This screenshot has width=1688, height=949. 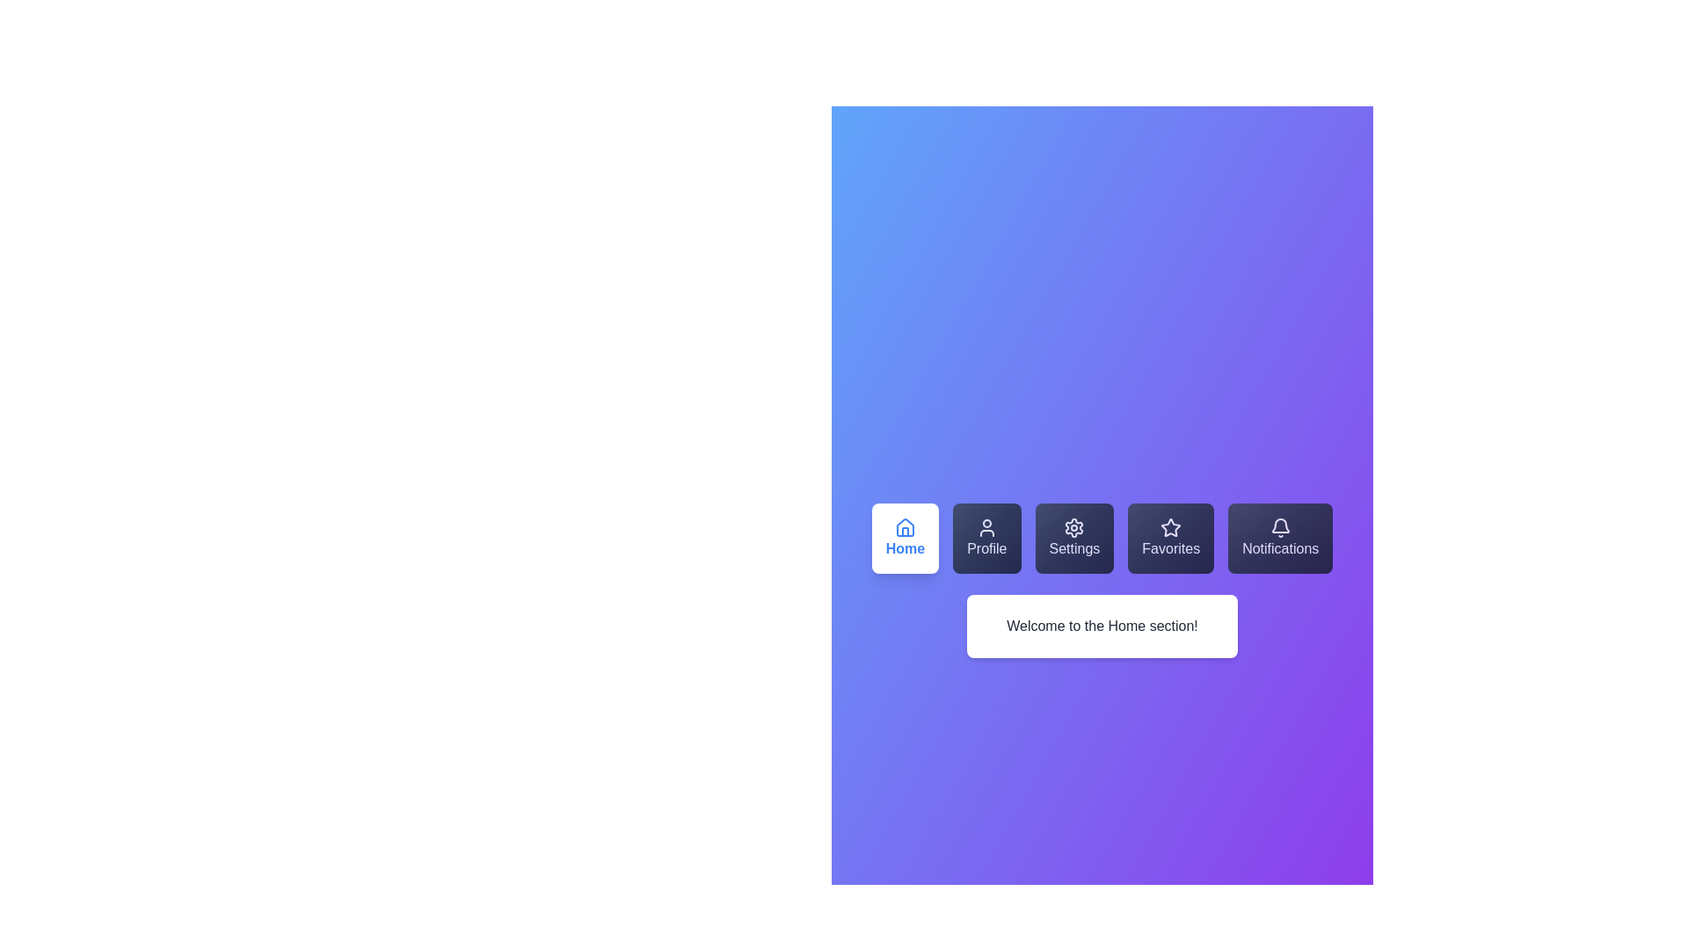 I want to click on the star-shaped icon associated with the Favorites label, so click(x=1170, y=526).